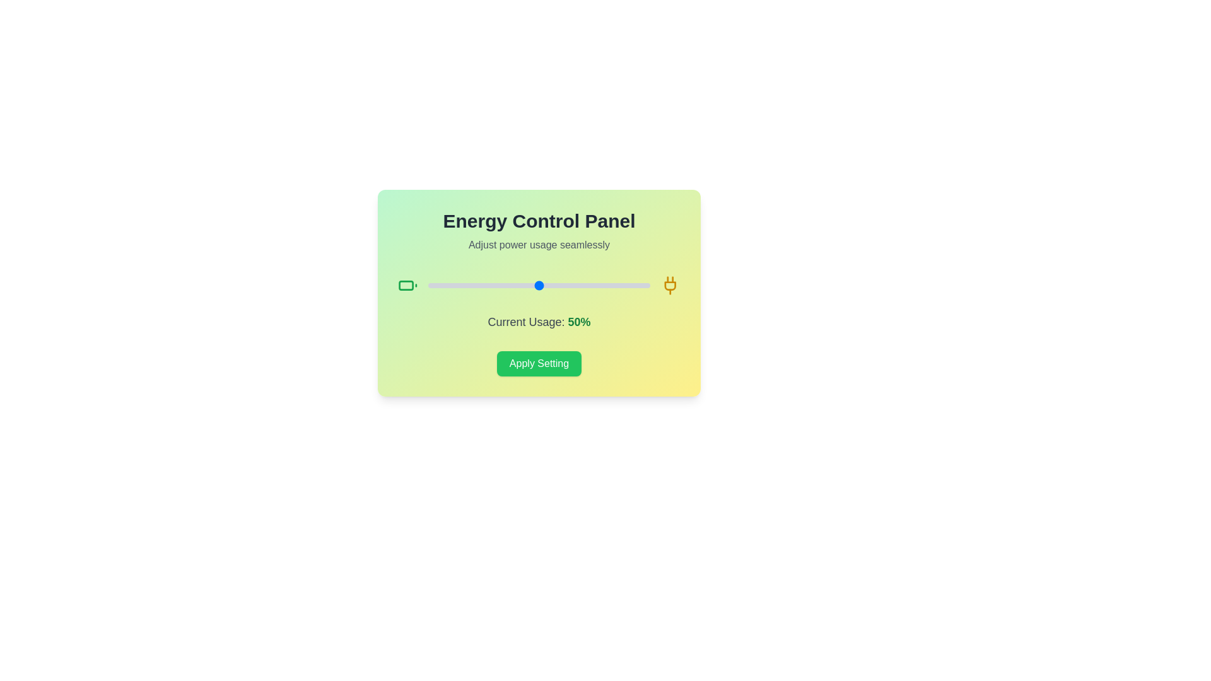  Describe the element at coordinates (494, 285) in the screenshot. I see `the slider` at that location.